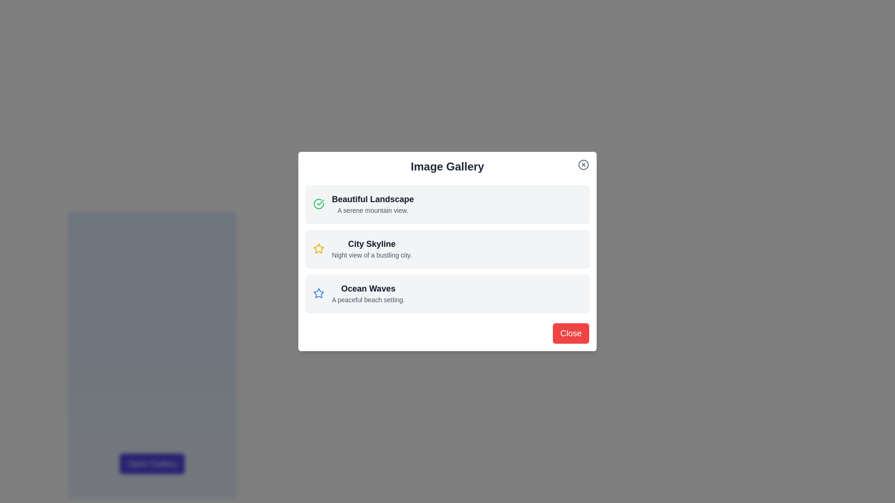  I want to click on the circular icon with a green outline and a white center, which features a checkmark symbol, located to the left of the 'Beautiful Landscape' list item, so click(319, 204).